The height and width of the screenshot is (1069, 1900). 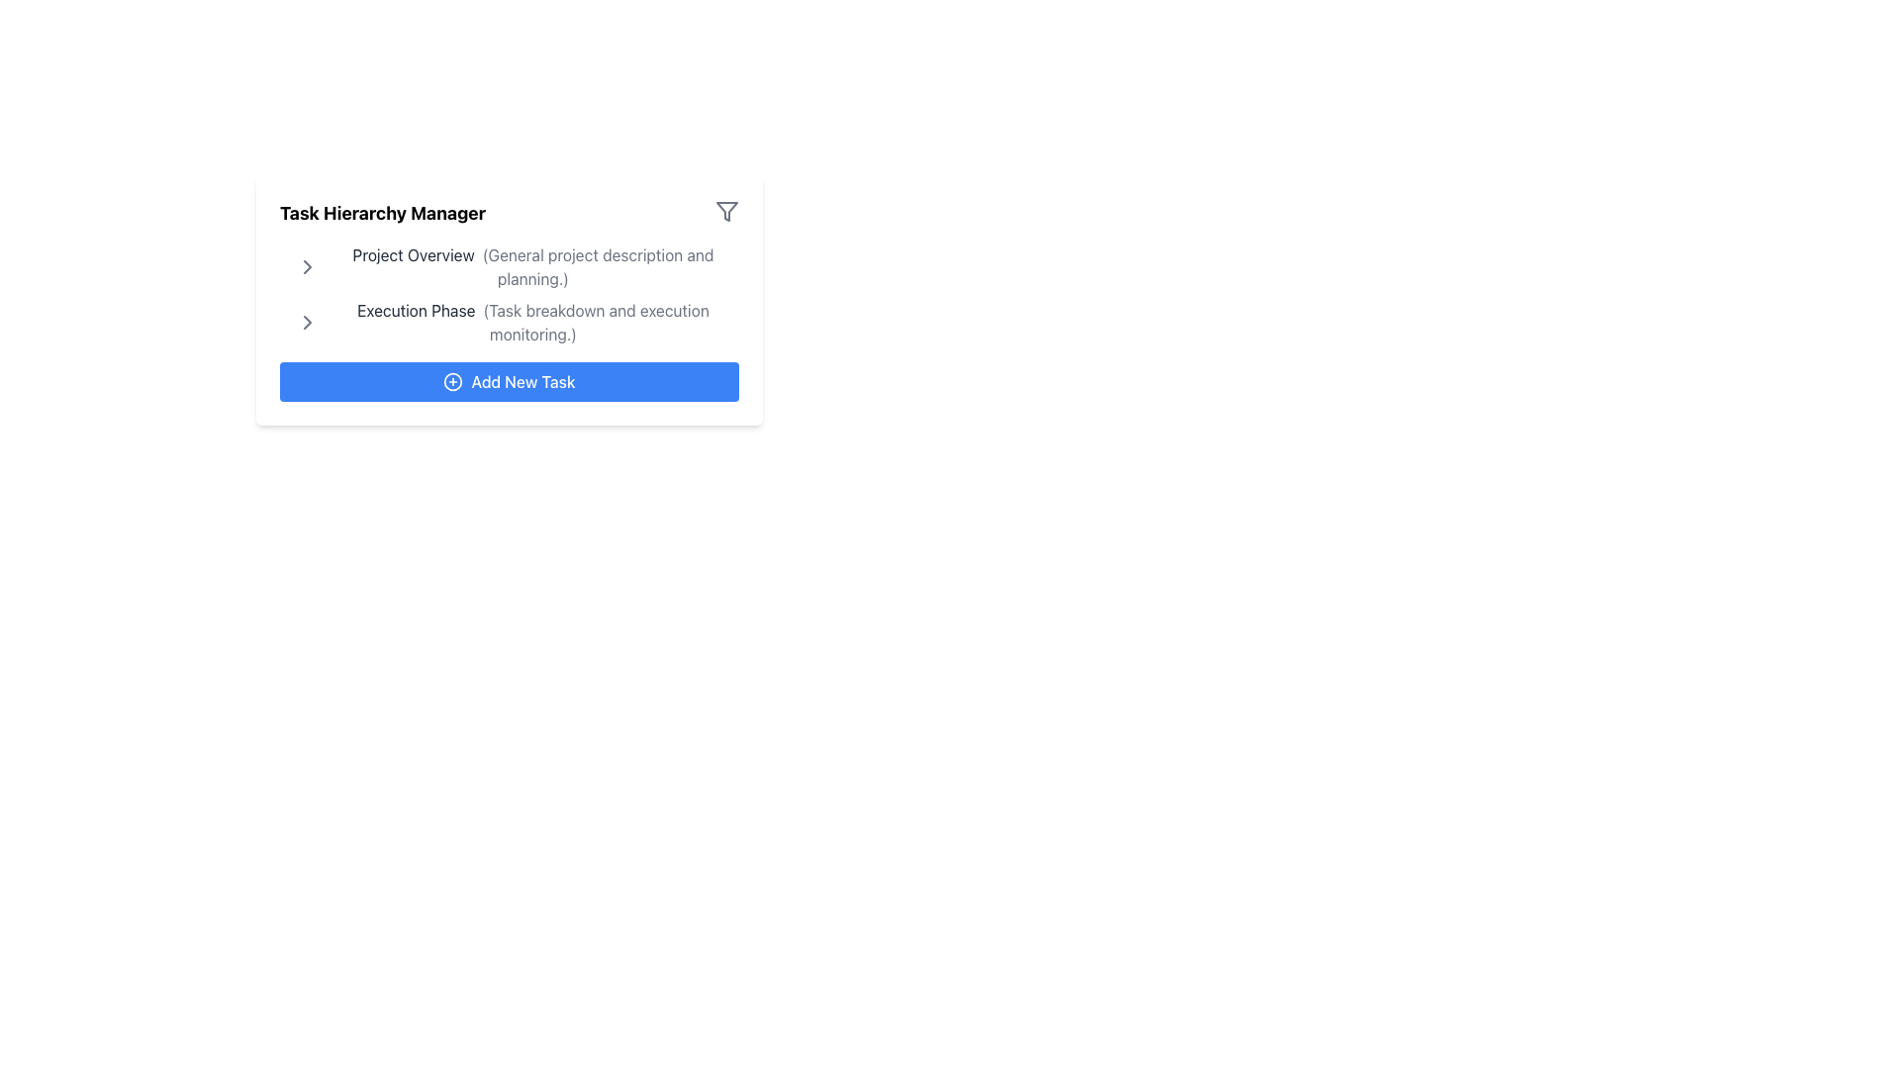 I want to click on the gray upside-down triangle icon located to the far right of the 'Task Hierarchy Manager' section header, so click(x=725, y=211).